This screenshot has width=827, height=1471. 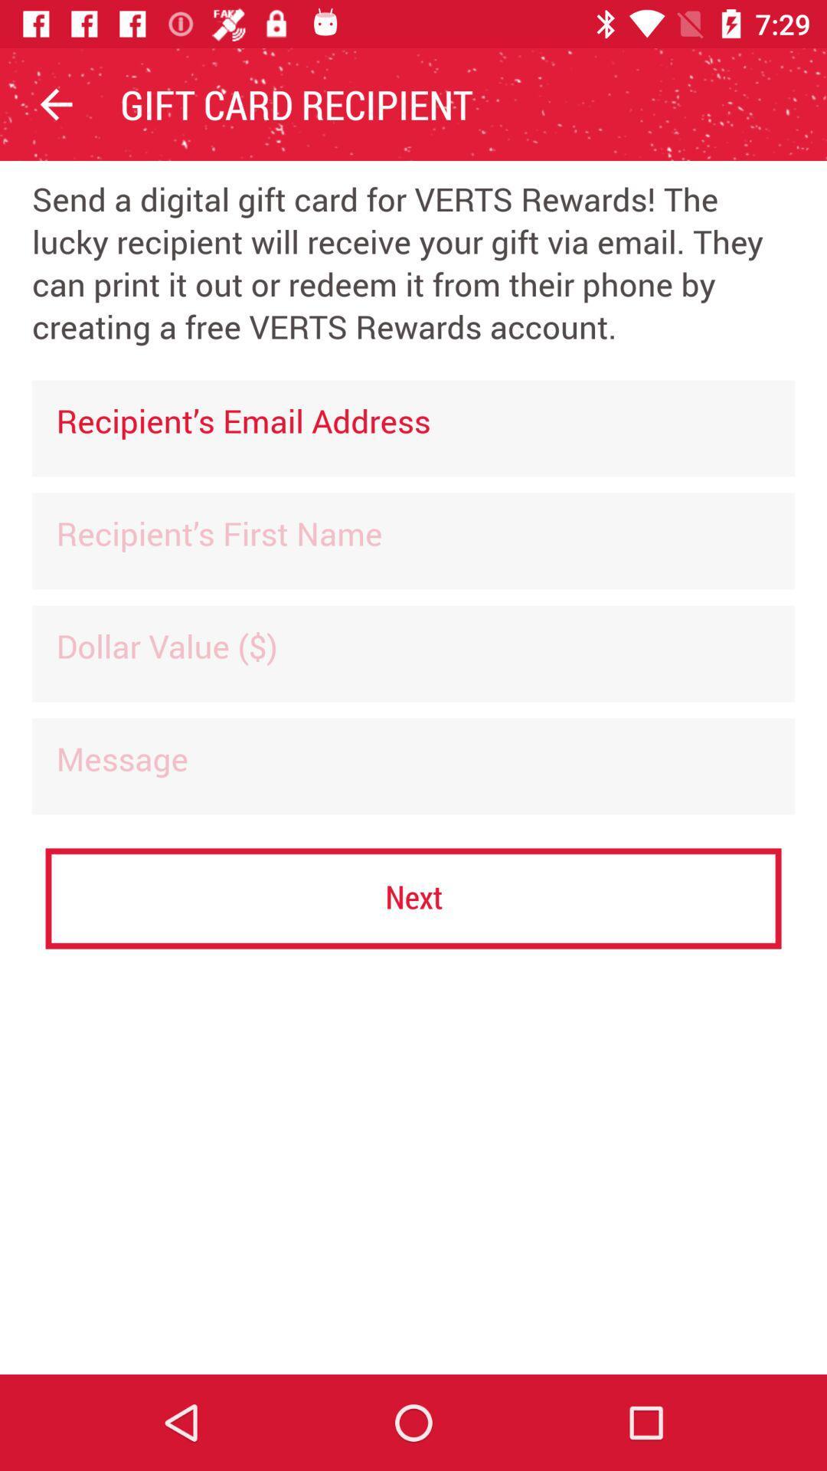 I want to click on the icon at the top left corner, so click(x=55, y=103).